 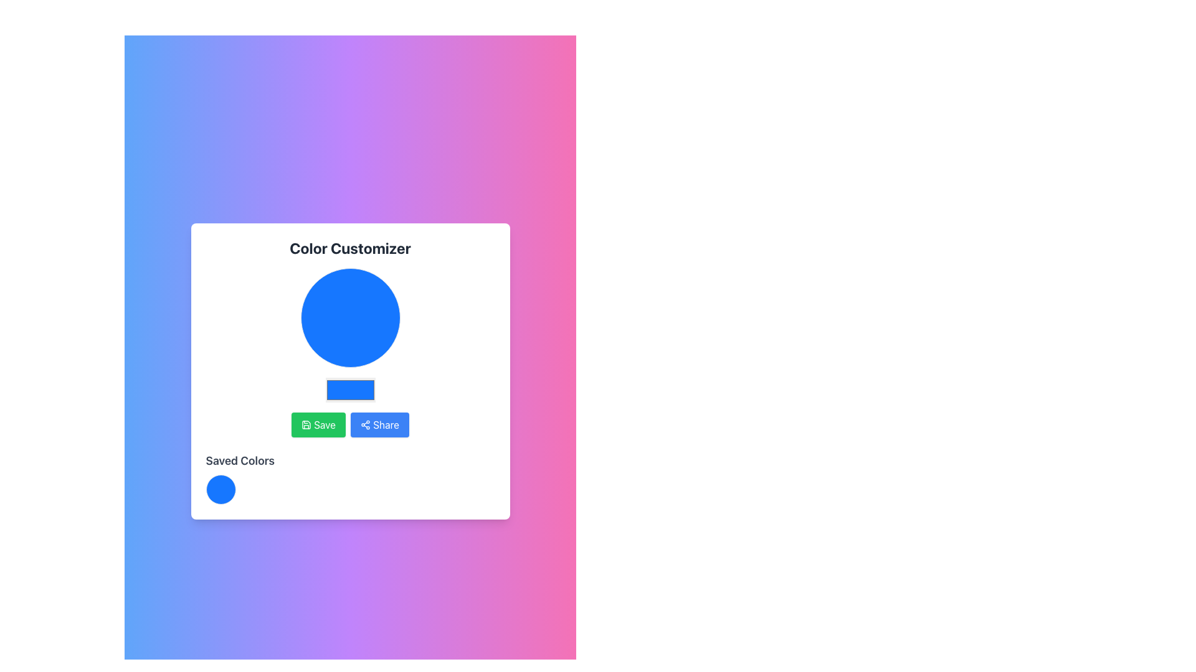 I want to click on the blue circular component centered within the 'Color Customizer' module, which is positioned above a smaller blue rectangular button, so click(x=349, y=317).